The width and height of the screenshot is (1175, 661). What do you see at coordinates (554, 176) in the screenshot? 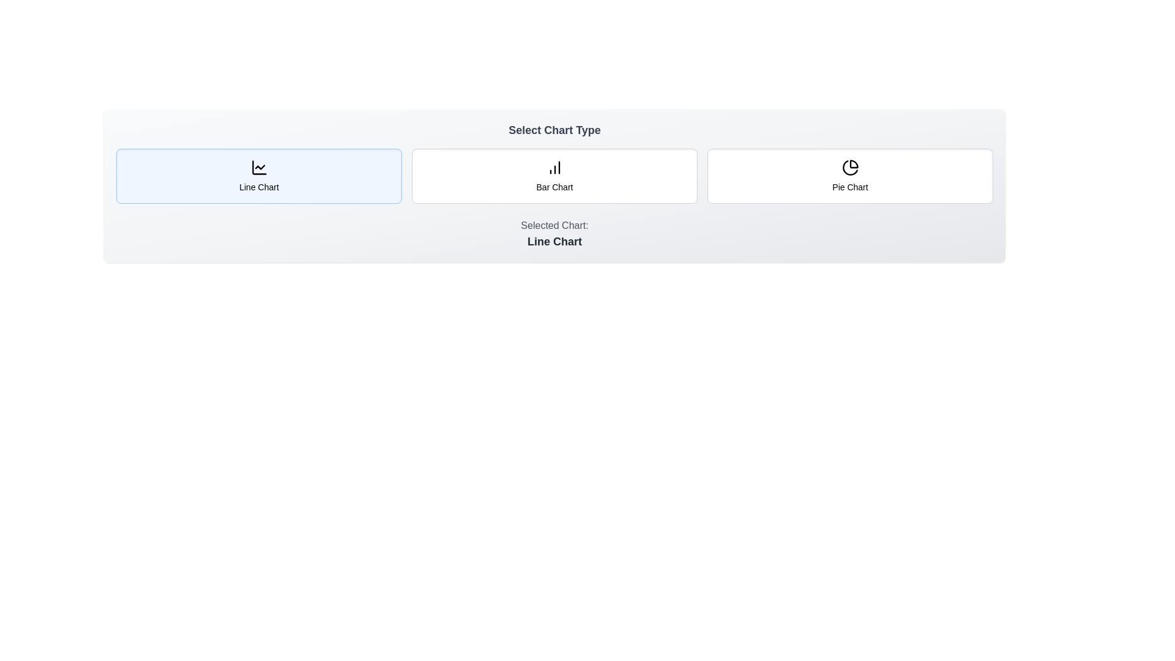
I see `the chart type Bar Chart by clicking on its corresponding button` at bounding box center [554, 176].